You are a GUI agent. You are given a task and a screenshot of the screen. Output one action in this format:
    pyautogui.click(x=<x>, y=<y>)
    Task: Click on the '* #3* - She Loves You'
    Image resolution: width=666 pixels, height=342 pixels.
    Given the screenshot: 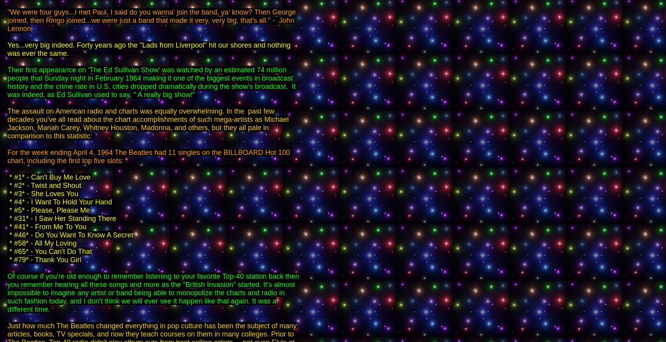 What is the action you would take?
    pyautogui.click(x=42, y=193)
    